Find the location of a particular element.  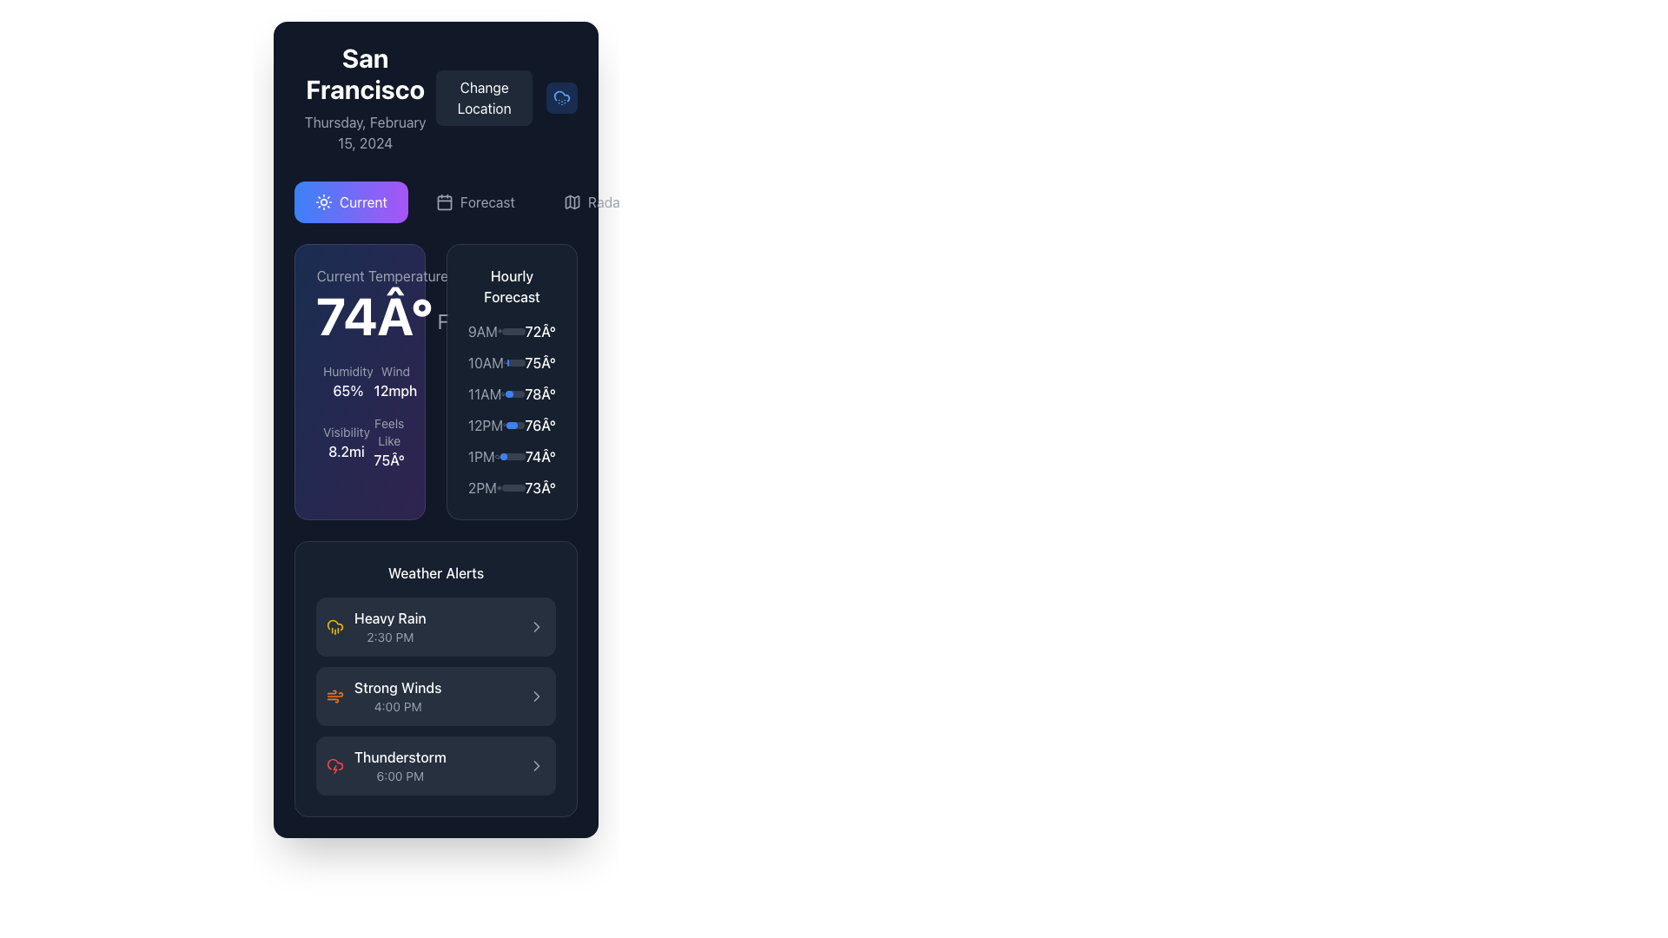

the progress bar located within the '11AM' hourly forecast item under the 'Hourly Forecast' panel, aligned with the time '11AM' and the temperature '78°' is located at coordinates (514, 394).